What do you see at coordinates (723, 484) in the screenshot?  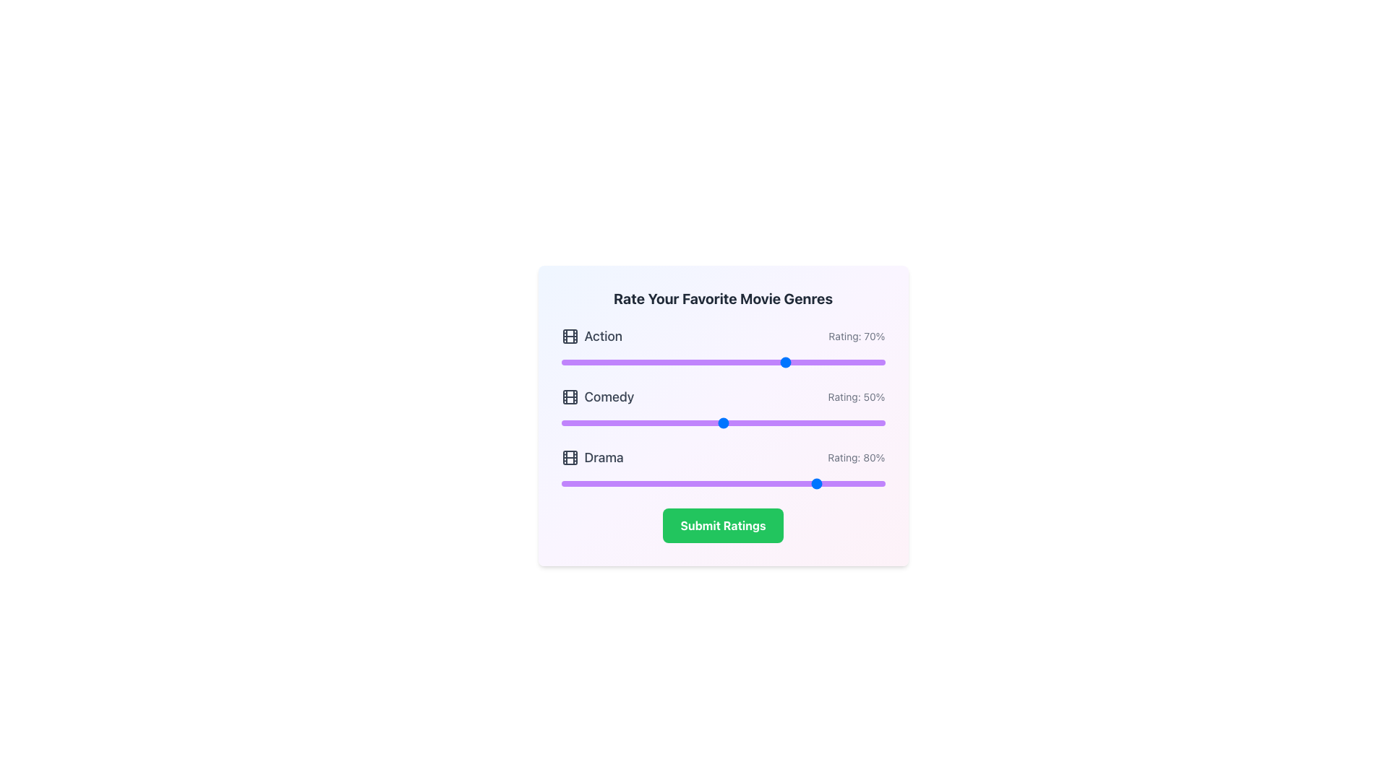 I see `the range slider for 'Drama' to prepare for interaction, located below the 'Rating: 80%' label` at bounding box center [723, 484].